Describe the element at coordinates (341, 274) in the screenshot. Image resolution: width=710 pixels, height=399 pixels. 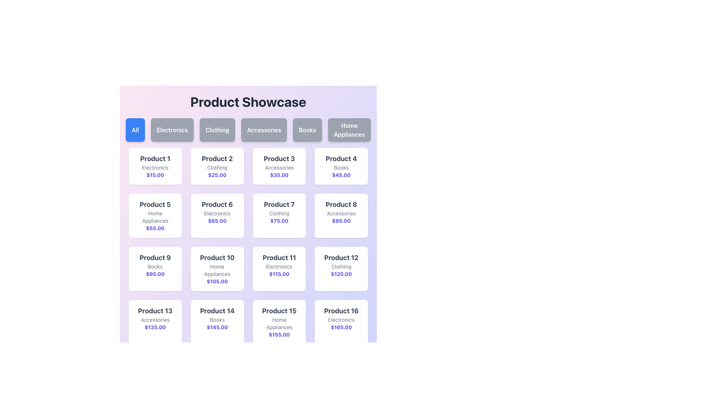
I see `the price display element of 'Product 12' located at the bottom of its product card` at that location.